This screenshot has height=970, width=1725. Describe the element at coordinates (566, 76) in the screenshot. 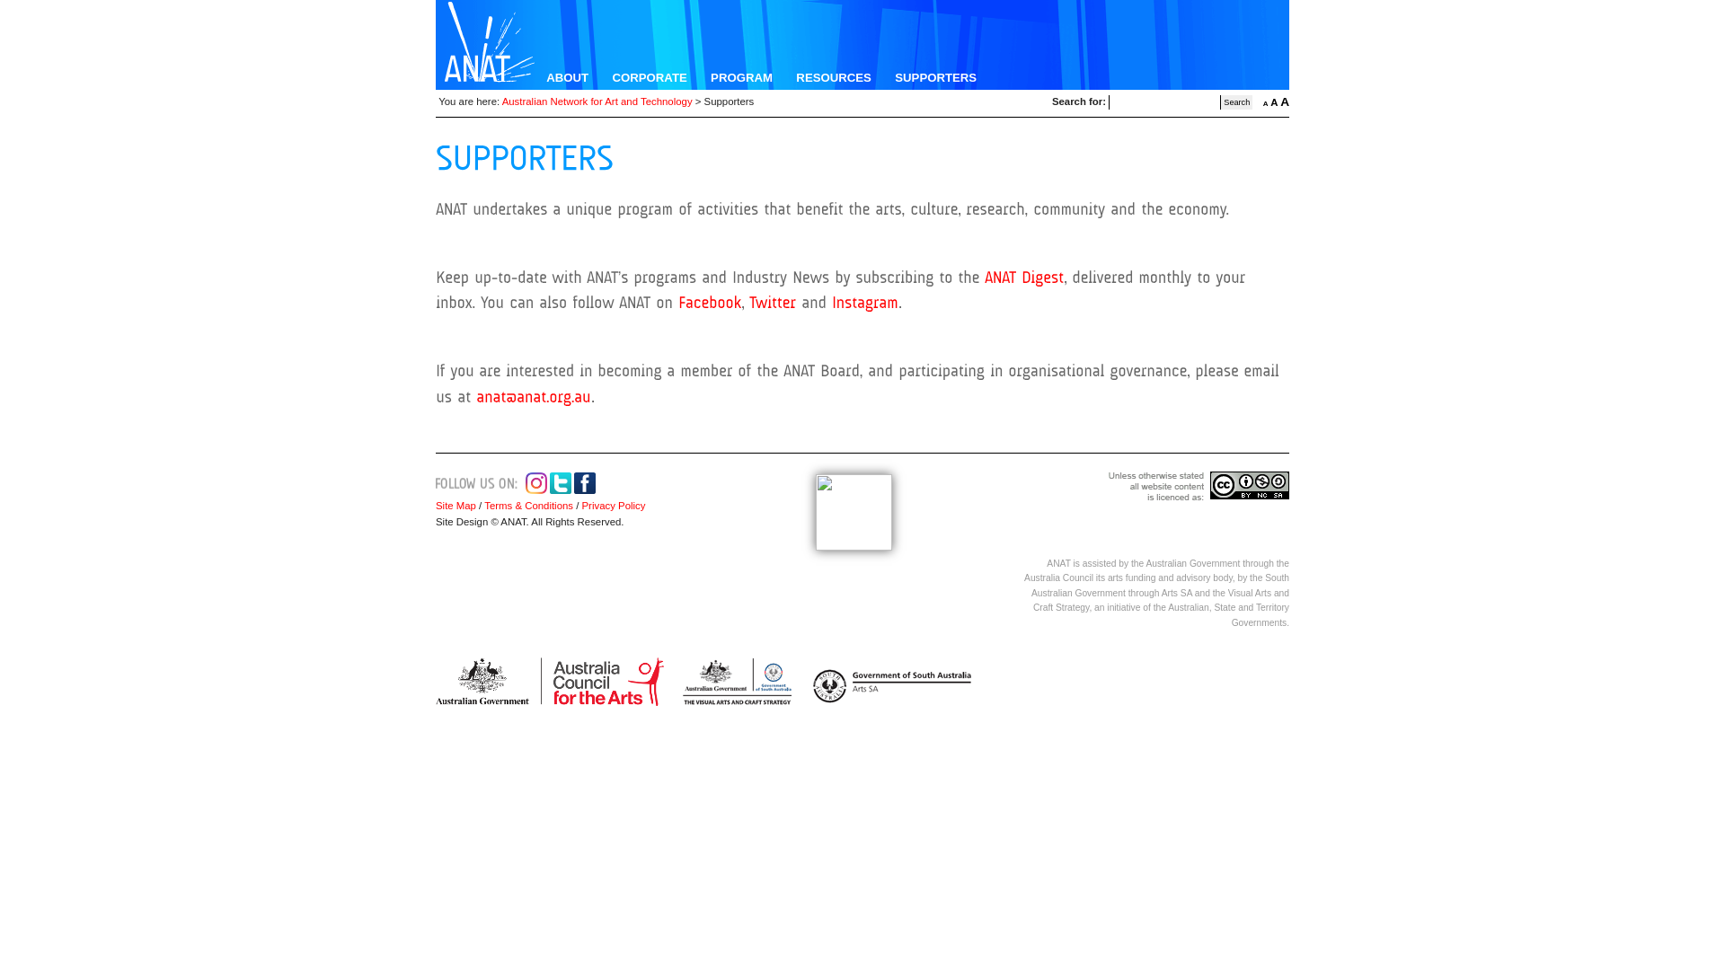

I see `'ABOUT'` at that location.